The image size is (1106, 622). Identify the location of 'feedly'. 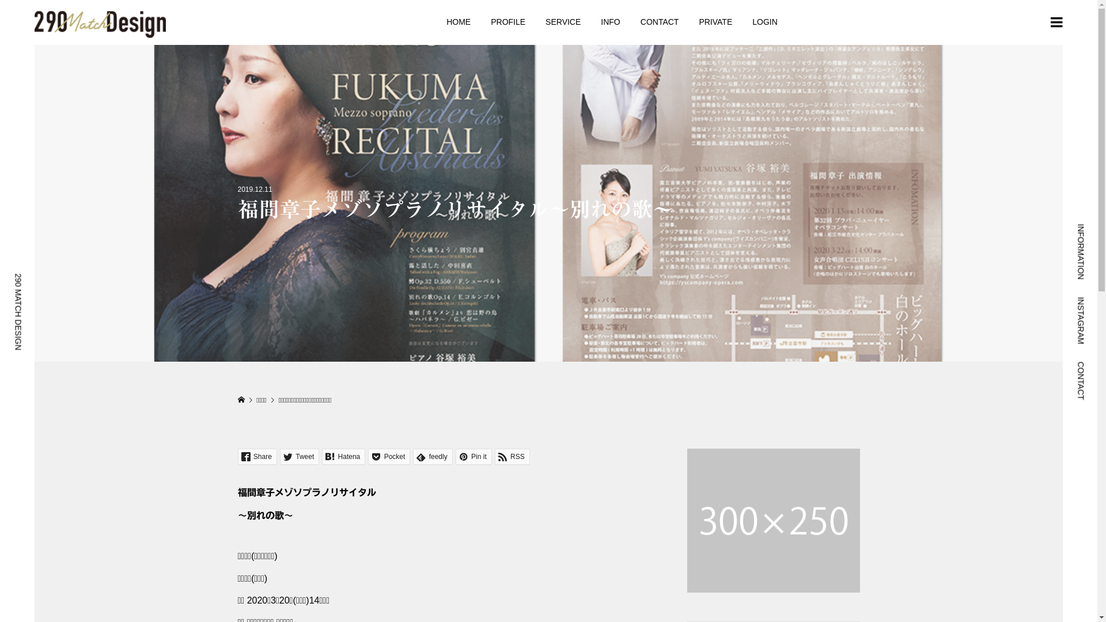
(431, 456).